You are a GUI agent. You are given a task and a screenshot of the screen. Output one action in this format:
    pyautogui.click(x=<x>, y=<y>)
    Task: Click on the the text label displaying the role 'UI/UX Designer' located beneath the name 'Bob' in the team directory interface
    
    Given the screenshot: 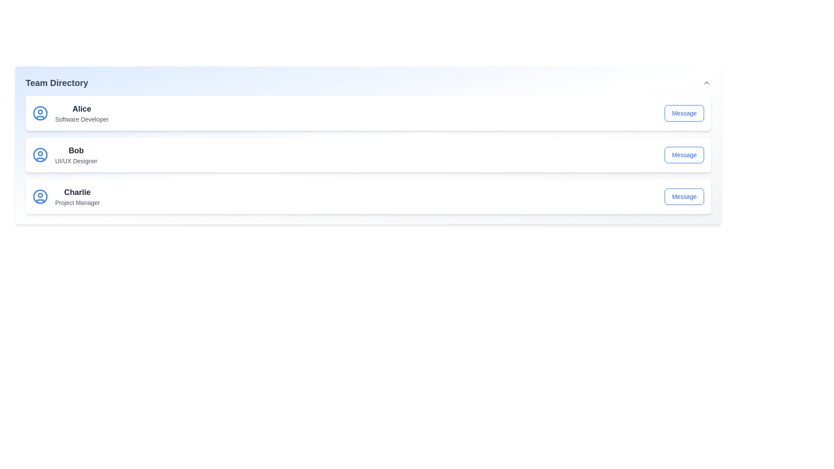 What is the action you would take?
    pyautogui.click(x=76, y=161)
    